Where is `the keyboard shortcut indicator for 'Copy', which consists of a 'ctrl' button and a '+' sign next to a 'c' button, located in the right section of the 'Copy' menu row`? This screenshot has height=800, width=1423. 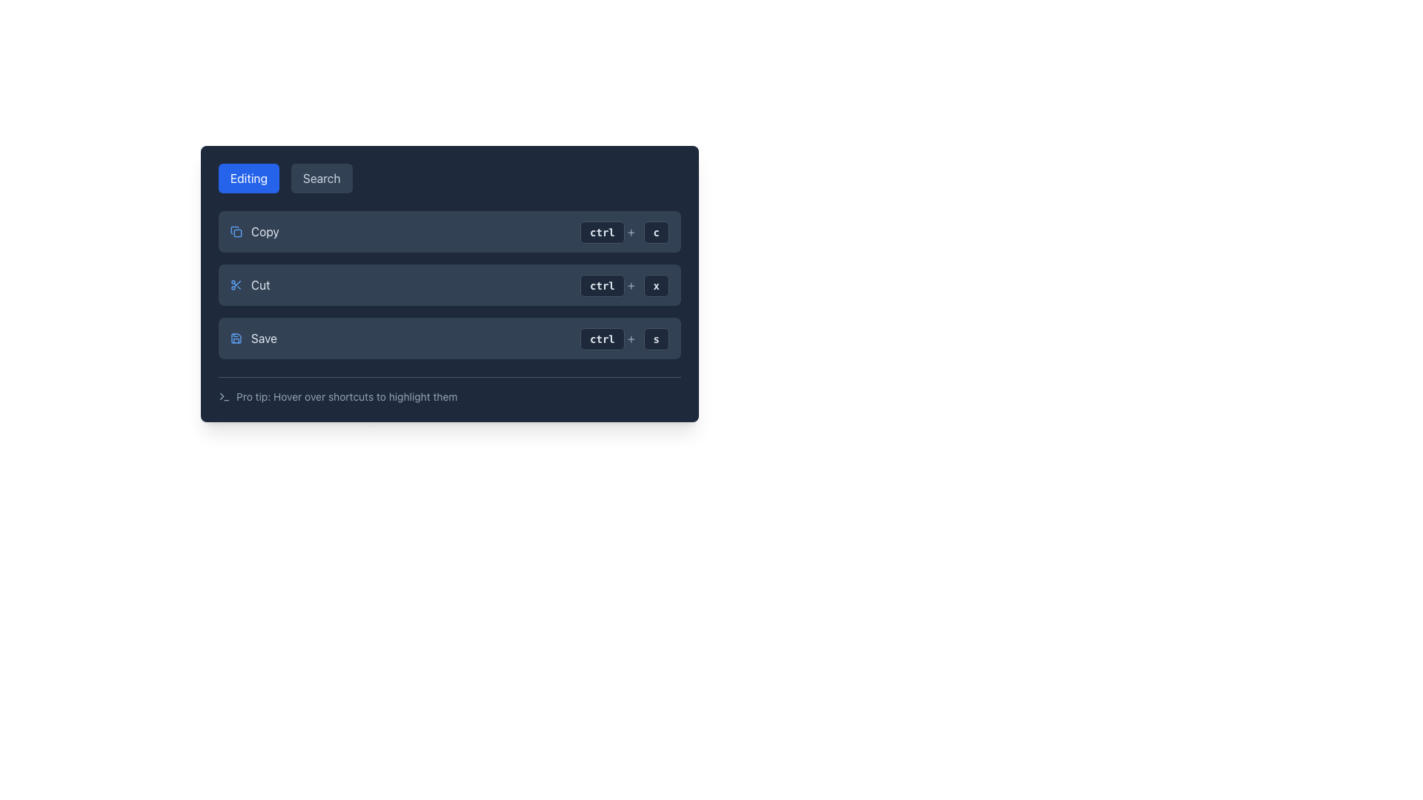 the keyboard shortcut indicator for 'Copy', which consists of a 'ctrl' button and a '+' sign next to a 'c' button, located in the right section of the 'Copy' menu row is located at coordinates (625, 231).